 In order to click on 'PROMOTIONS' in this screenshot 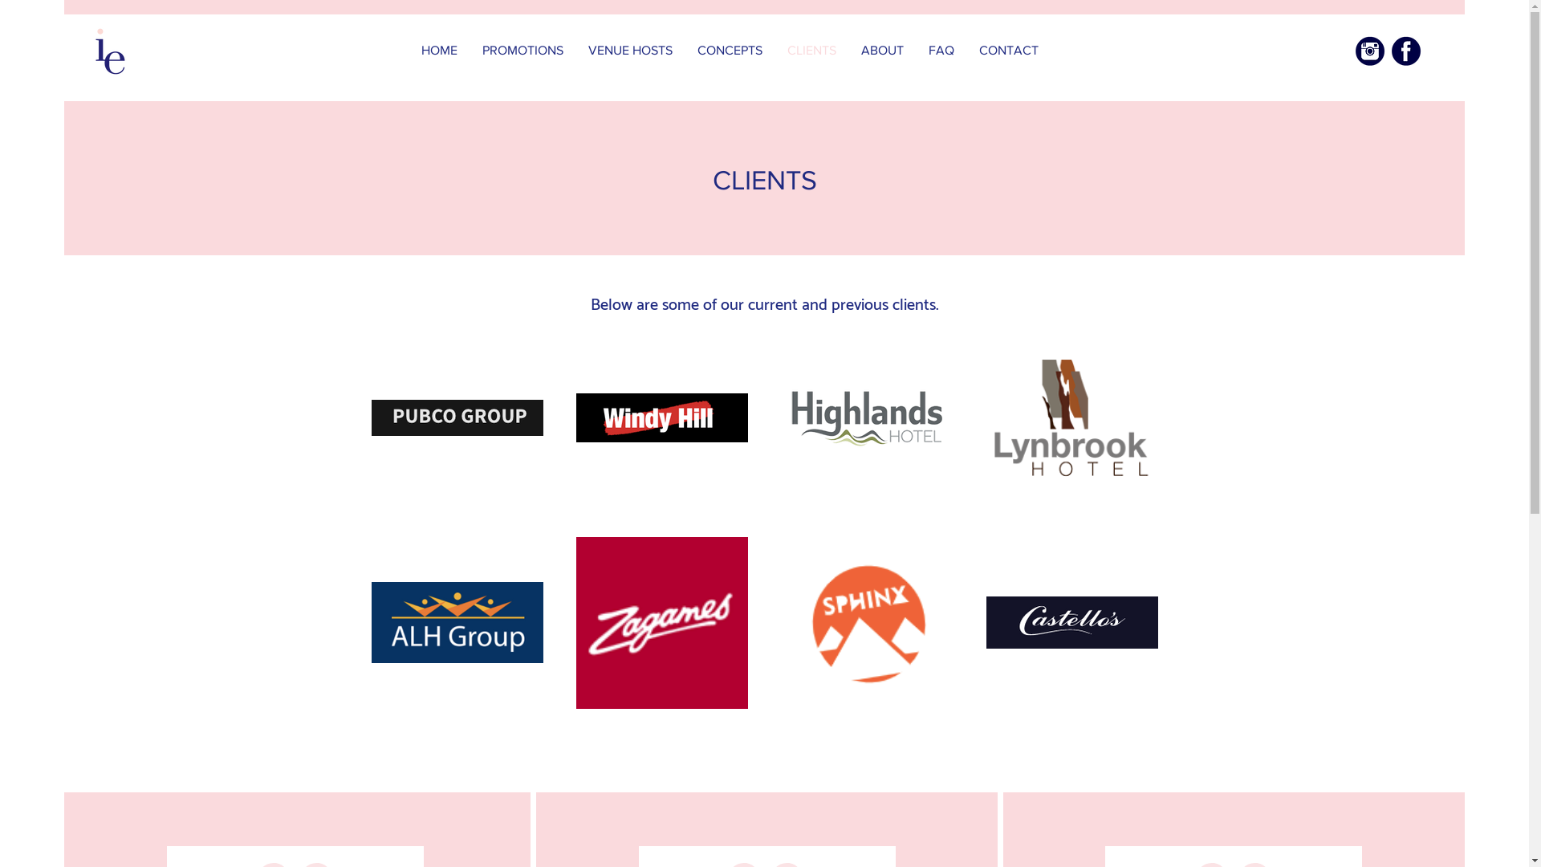, I will do `click(523, 49)`.